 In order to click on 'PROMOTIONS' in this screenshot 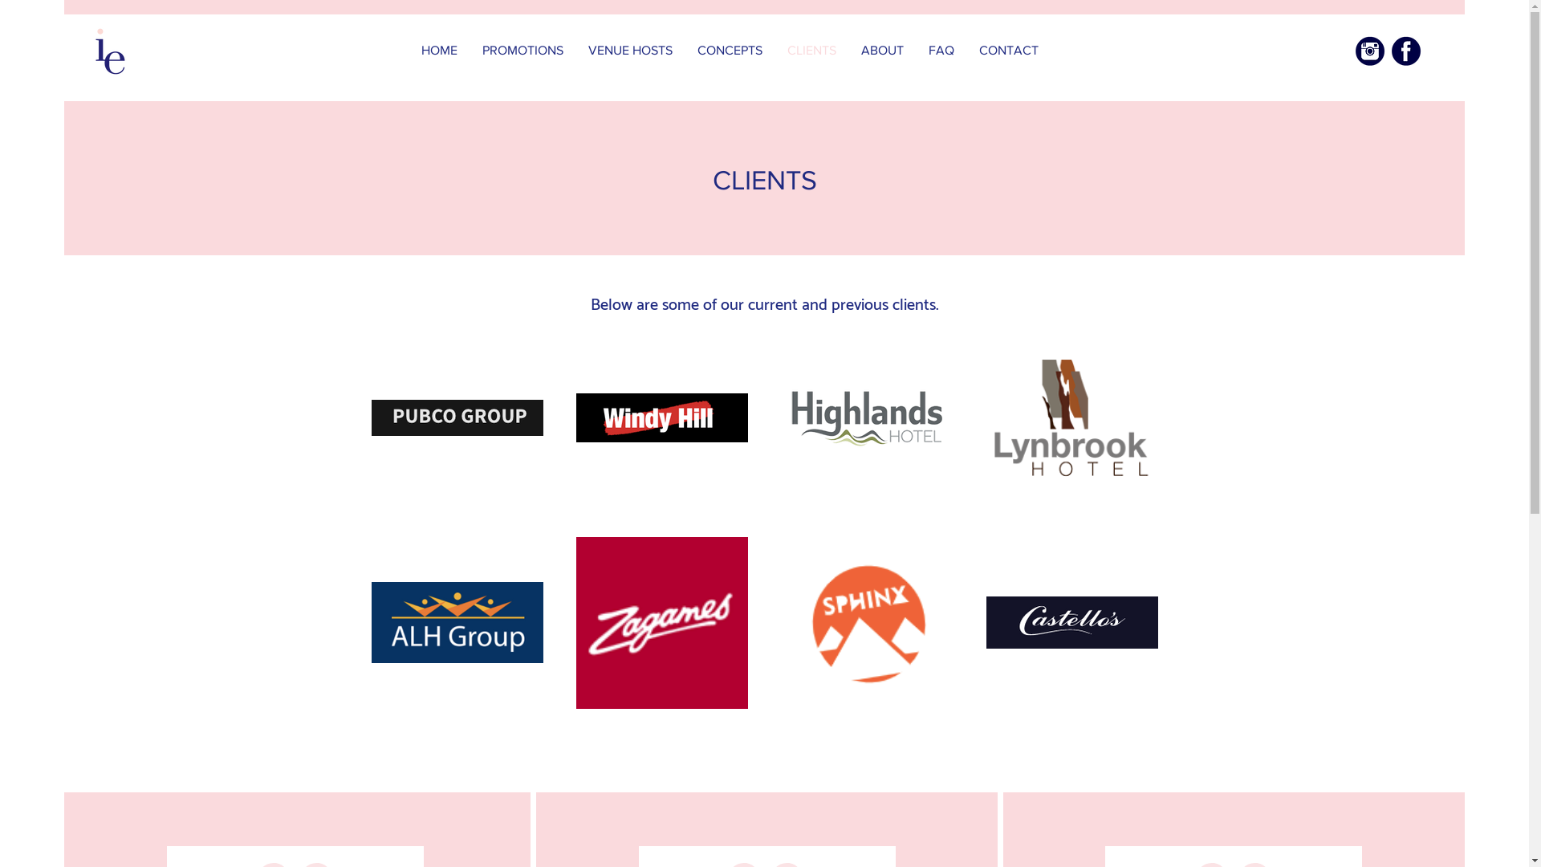, I will do `click(523, 49)`.